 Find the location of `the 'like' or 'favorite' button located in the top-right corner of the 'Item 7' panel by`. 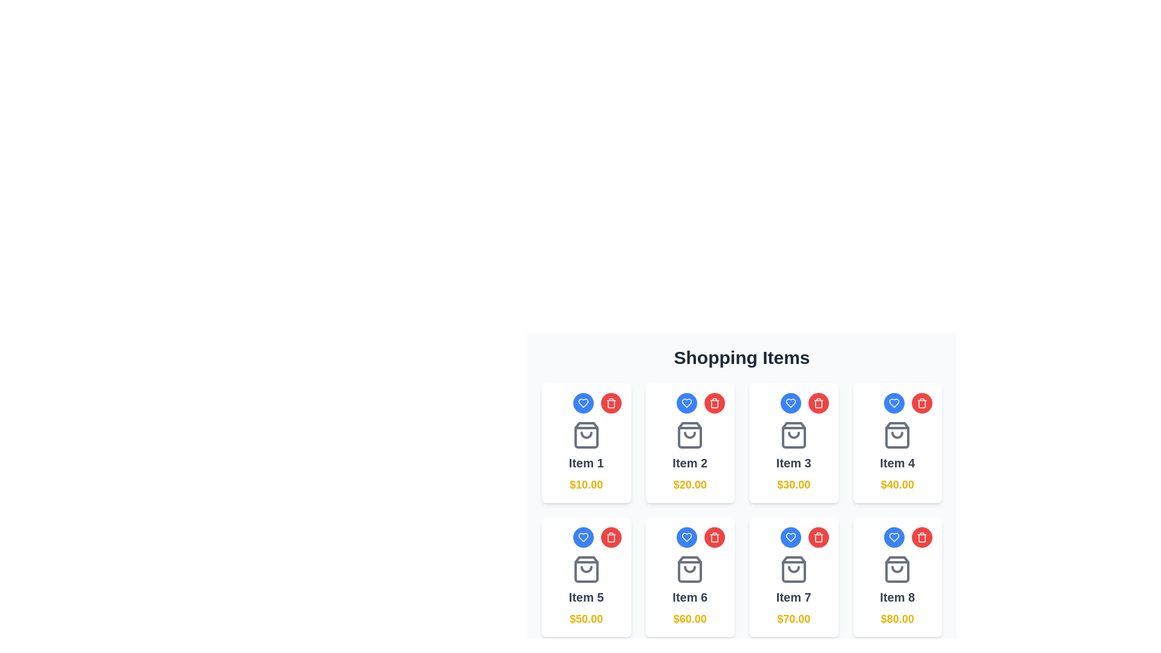

the 'like' or 'favorite' button located in the top-right corner of the 'Item 7' panel by is located at coordinates (793, 536).